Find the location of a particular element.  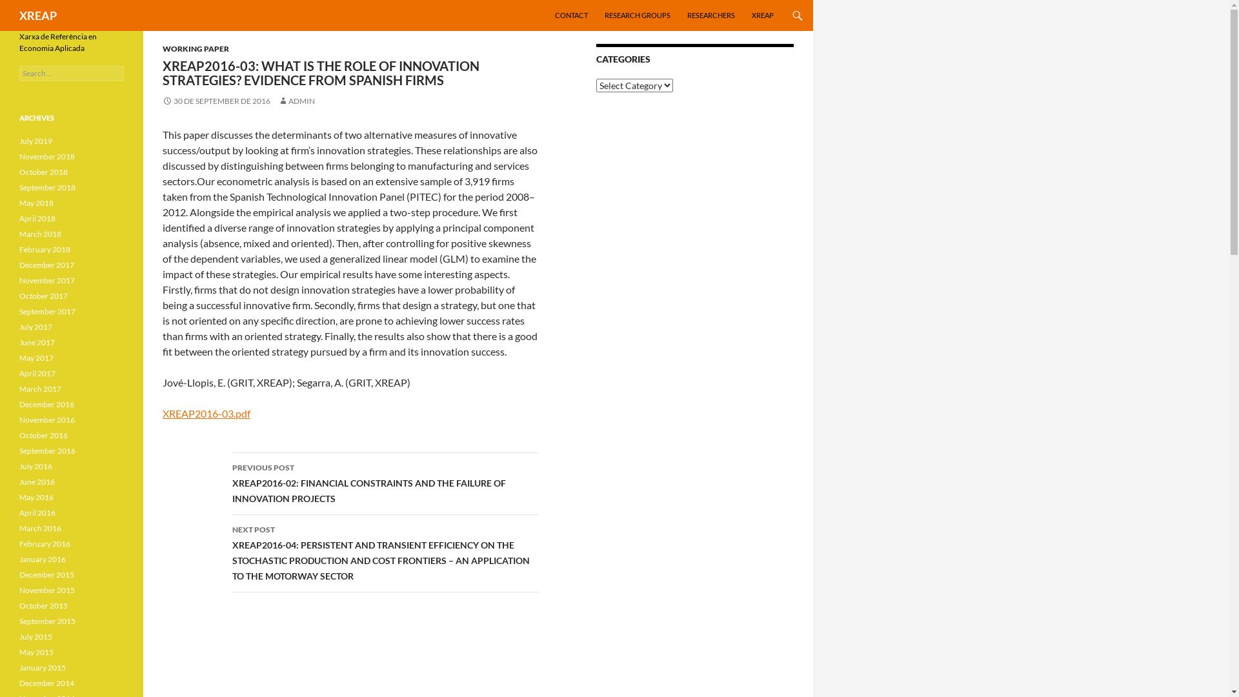

'January 2015' is located at coordinates (43, 667).